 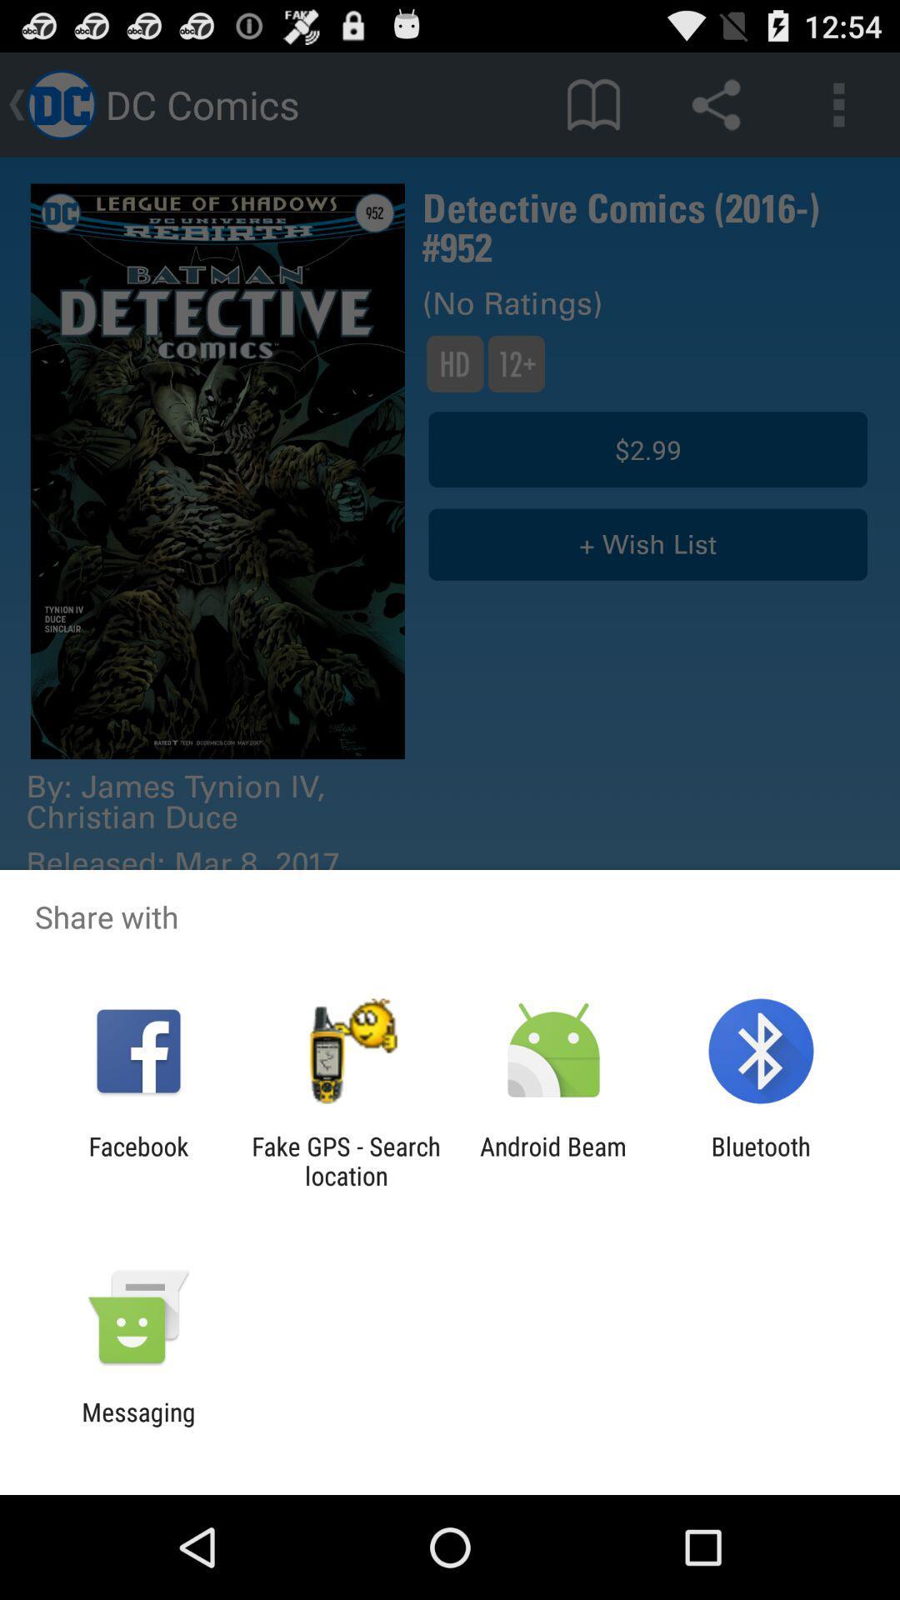 I want to click on the icon next to fake gps search, so click(x=553, y=1160).